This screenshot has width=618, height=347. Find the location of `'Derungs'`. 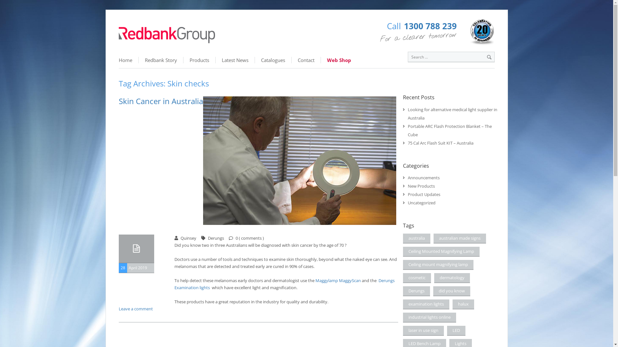

'Derungs' is located at coordinates (417, 291).